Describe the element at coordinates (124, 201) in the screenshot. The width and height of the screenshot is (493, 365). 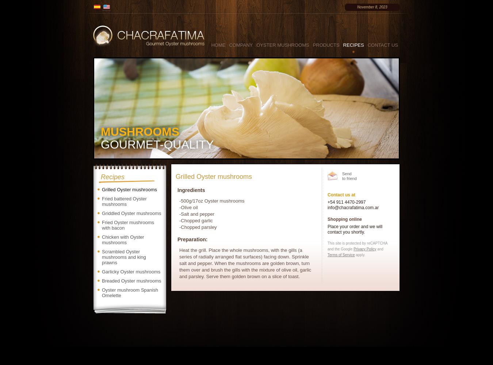
I see `'Fried battered Oyster mushrooms'` at that location.